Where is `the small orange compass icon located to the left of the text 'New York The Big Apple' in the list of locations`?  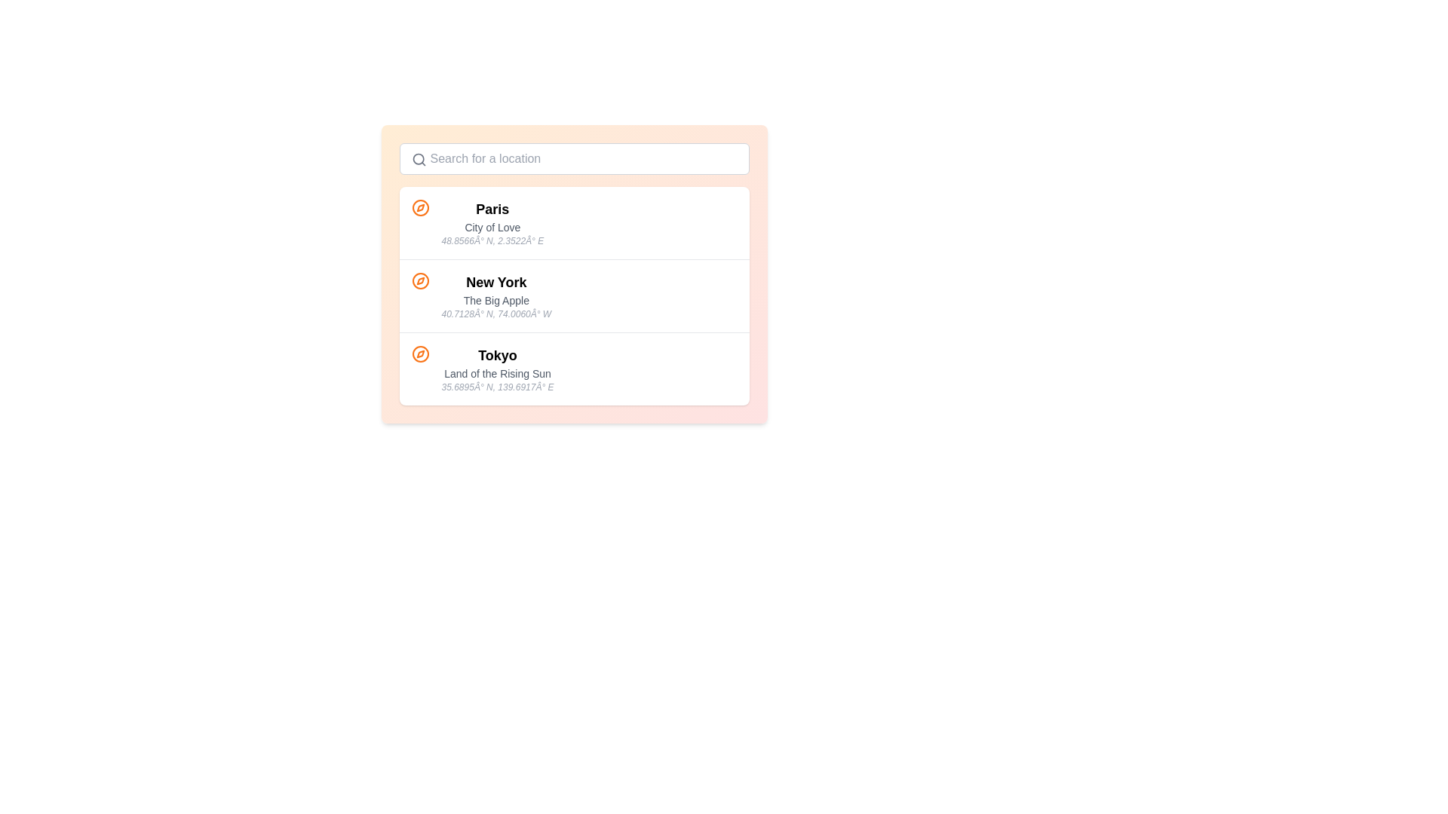 the small orange compass icon located to the left of the text 'New York The Big Apple' in the list of locations is located at coordinates (420, 281).